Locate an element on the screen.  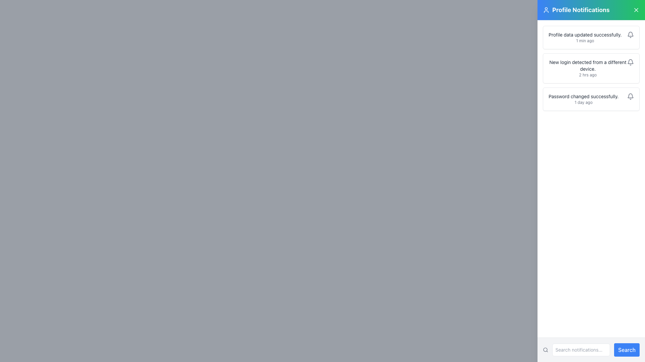
the text label displaying '2 hrs ago' which is located beneath the notification message 'New login detected from a different device.' in the right-side notification panel is located at coordinates (588, 75).